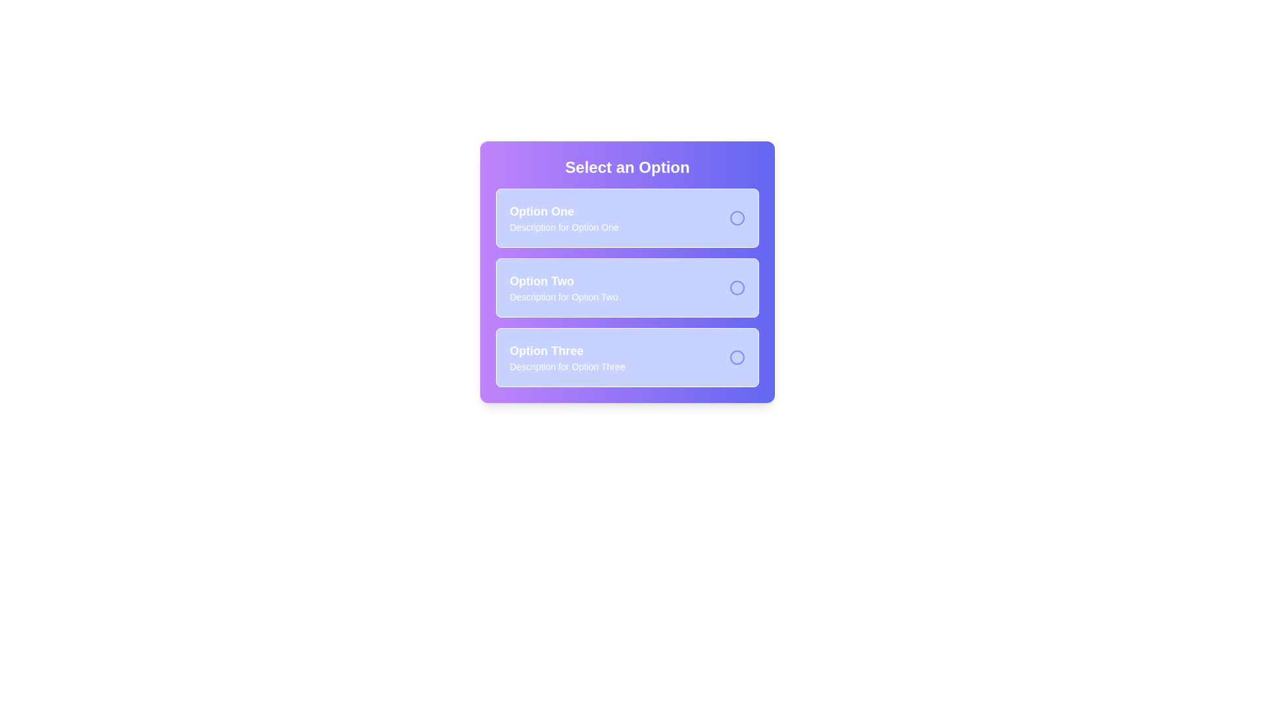  What do you see at coordinates (564, 210) in the screenshot?
I see `the bold, large-sized text displaying 'Option One', which is positioned at the beginning of the option card layout and aligns horizontally with an interactive circle` at bounding box center [564, 210].